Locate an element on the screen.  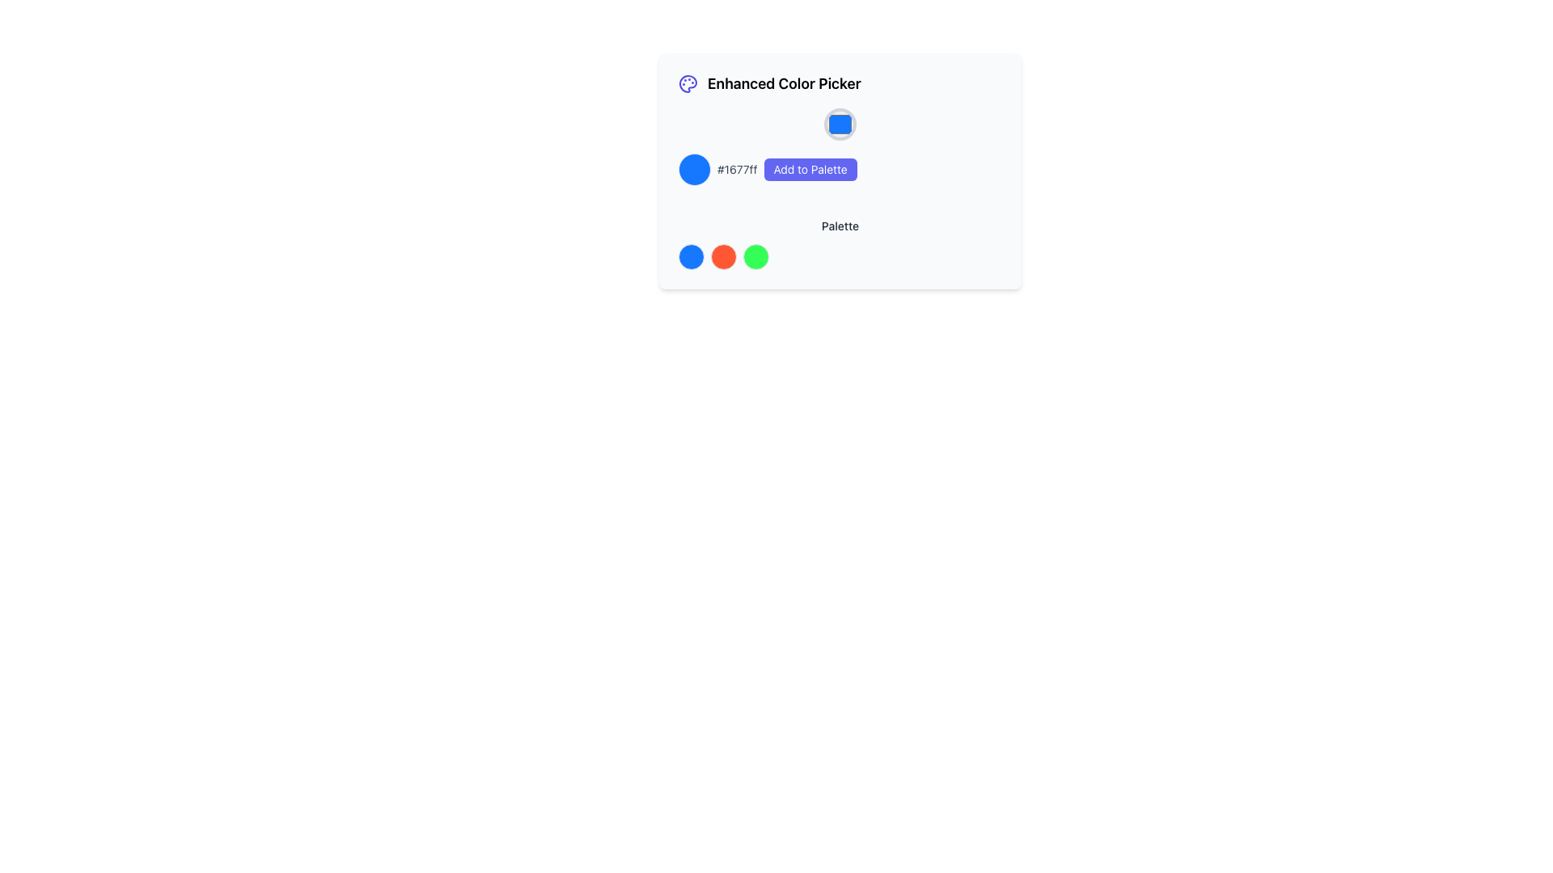
the small circular red button located in the bottom part of the interface, which is the second button in a row of three buttons is located at coordinates (722, 255).